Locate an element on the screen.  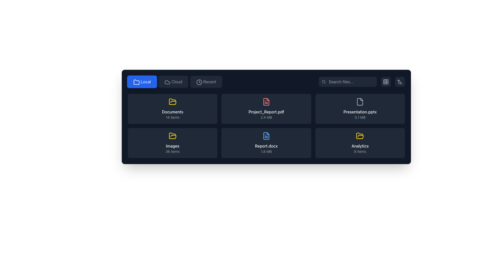
the search icon located at the top right of the interface, which denotes the search functionality of the input field is located at coordinates (324, 82).